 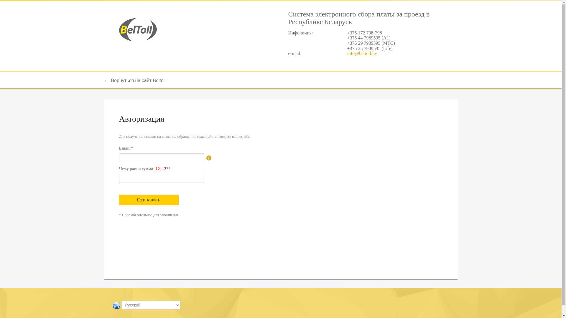 I want to click on 'info@beltoll.by', so click(x=362, y=53).